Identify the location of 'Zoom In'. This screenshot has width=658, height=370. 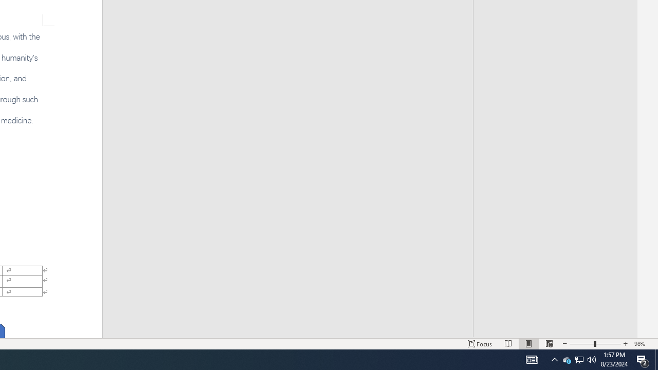
(625, 344).